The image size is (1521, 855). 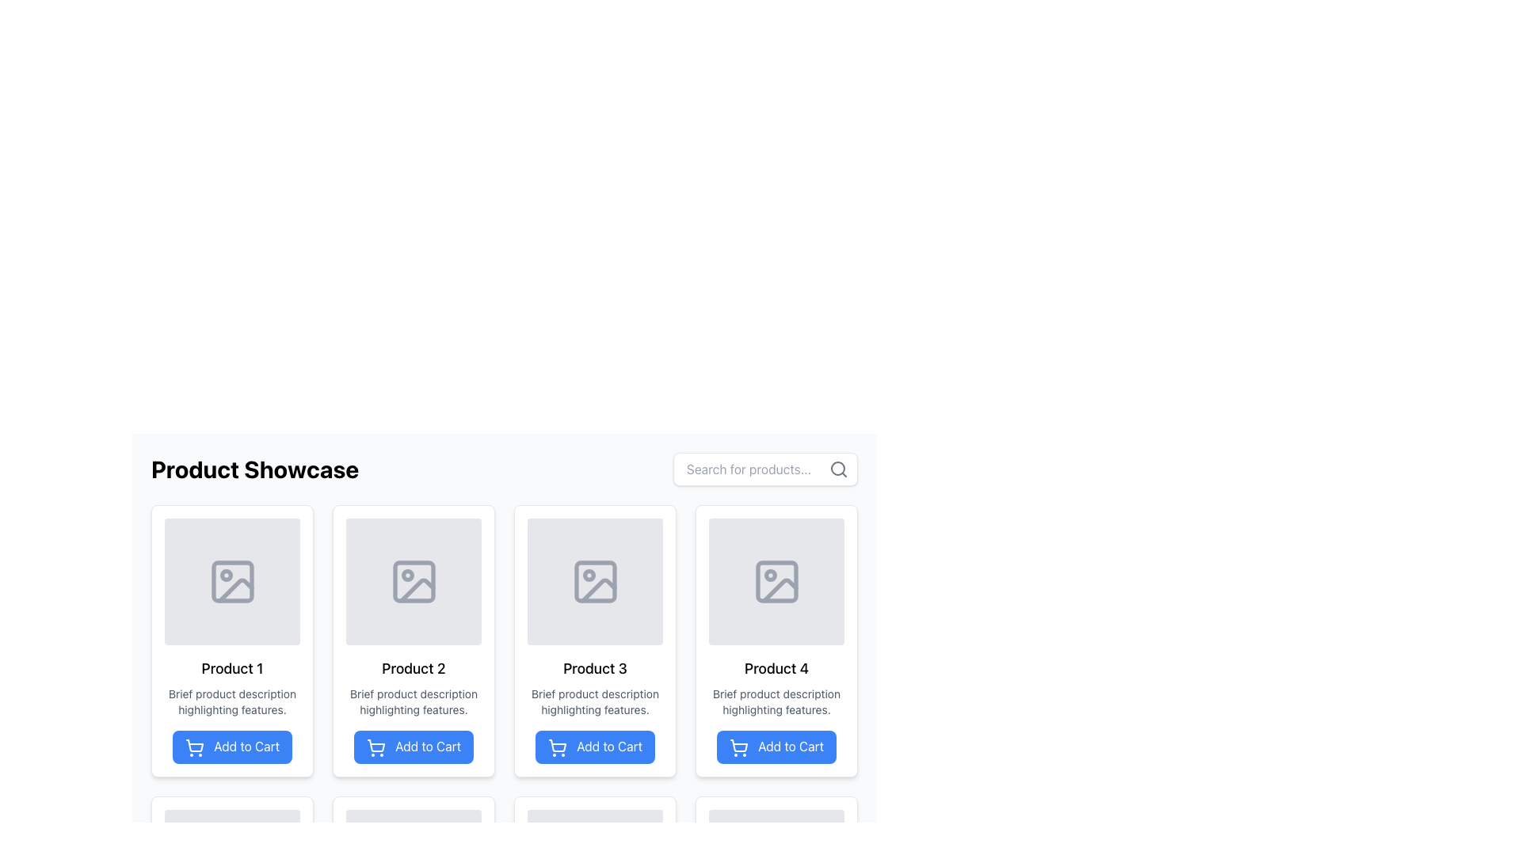 What do you see at coordinates (594, 582) in the screenshot?
I see `the Image Placeholder for 'Product 3', which has a gray background and rounded corners, positioned at the top of the card layout` at bounding box center [594, 582].